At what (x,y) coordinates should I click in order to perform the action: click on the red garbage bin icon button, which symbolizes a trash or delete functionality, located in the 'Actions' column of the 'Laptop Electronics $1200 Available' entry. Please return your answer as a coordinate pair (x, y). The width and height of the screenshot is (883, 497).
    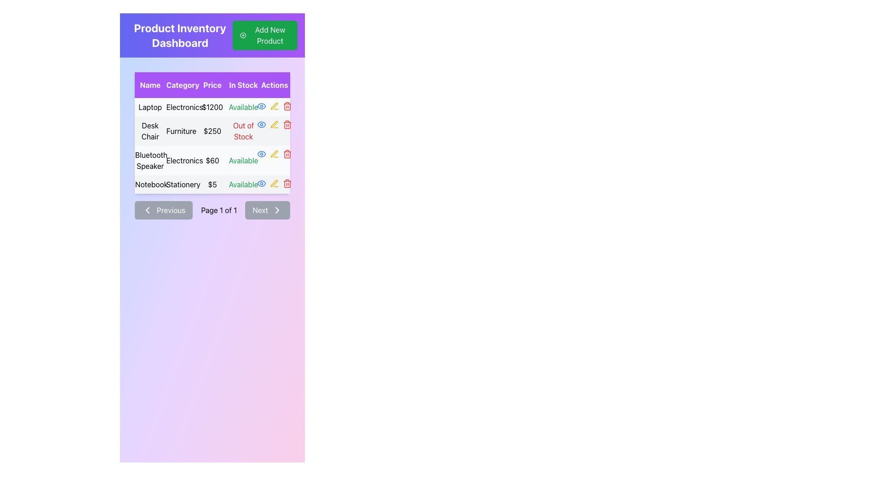
    Looking at the image, I should click on (287, 106).